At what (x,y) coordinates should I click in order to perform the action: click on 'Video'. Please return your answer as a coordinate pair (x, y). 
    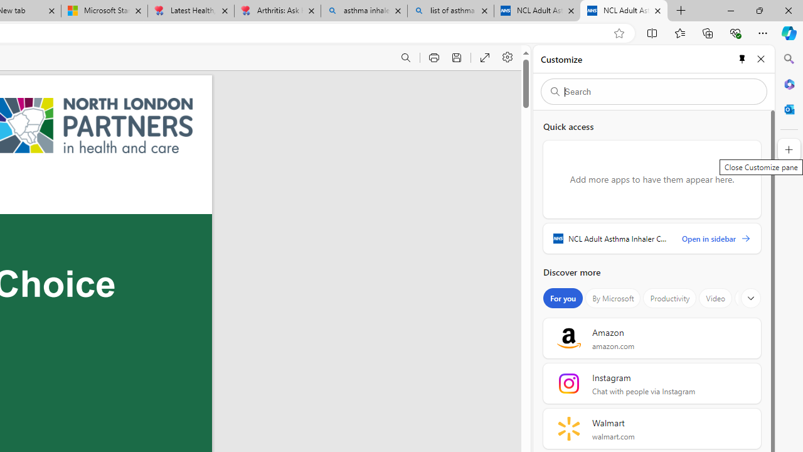
    Looking at the image, I should click on (715, 298).